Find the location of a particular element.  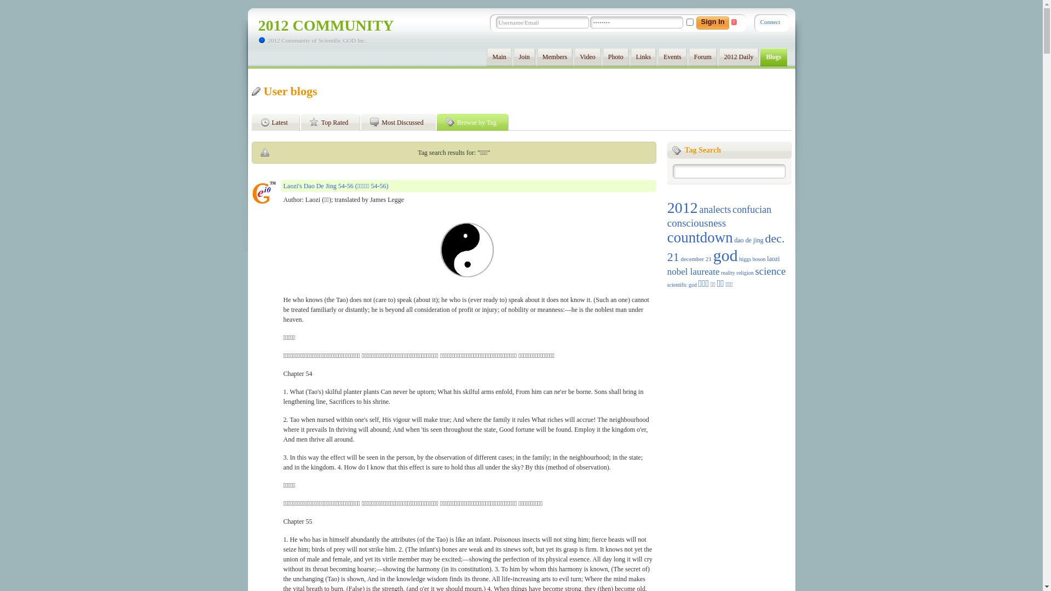

'Latest' is located at coordinates (278, 122).